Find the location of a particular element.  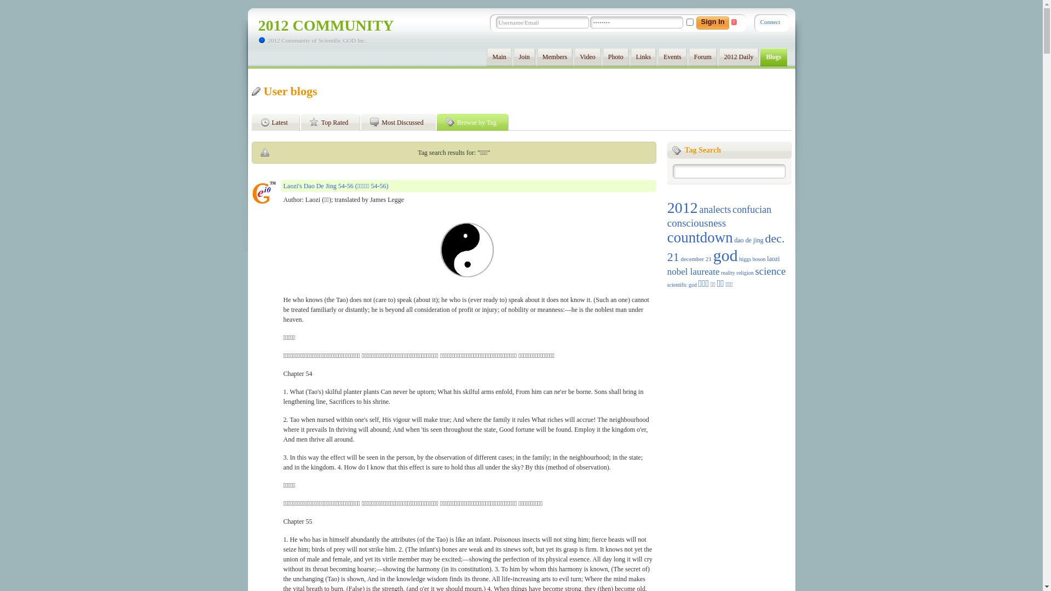

'Latest' is located at coordinates (278, 122).